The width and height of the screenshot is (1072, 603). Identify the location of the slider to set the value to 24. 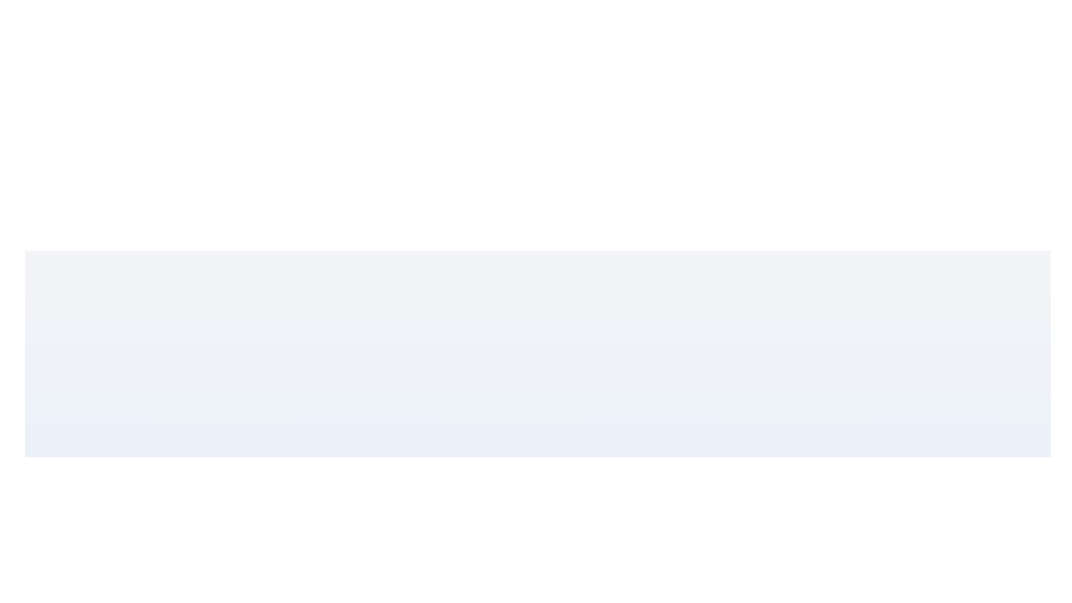
(552, 557).